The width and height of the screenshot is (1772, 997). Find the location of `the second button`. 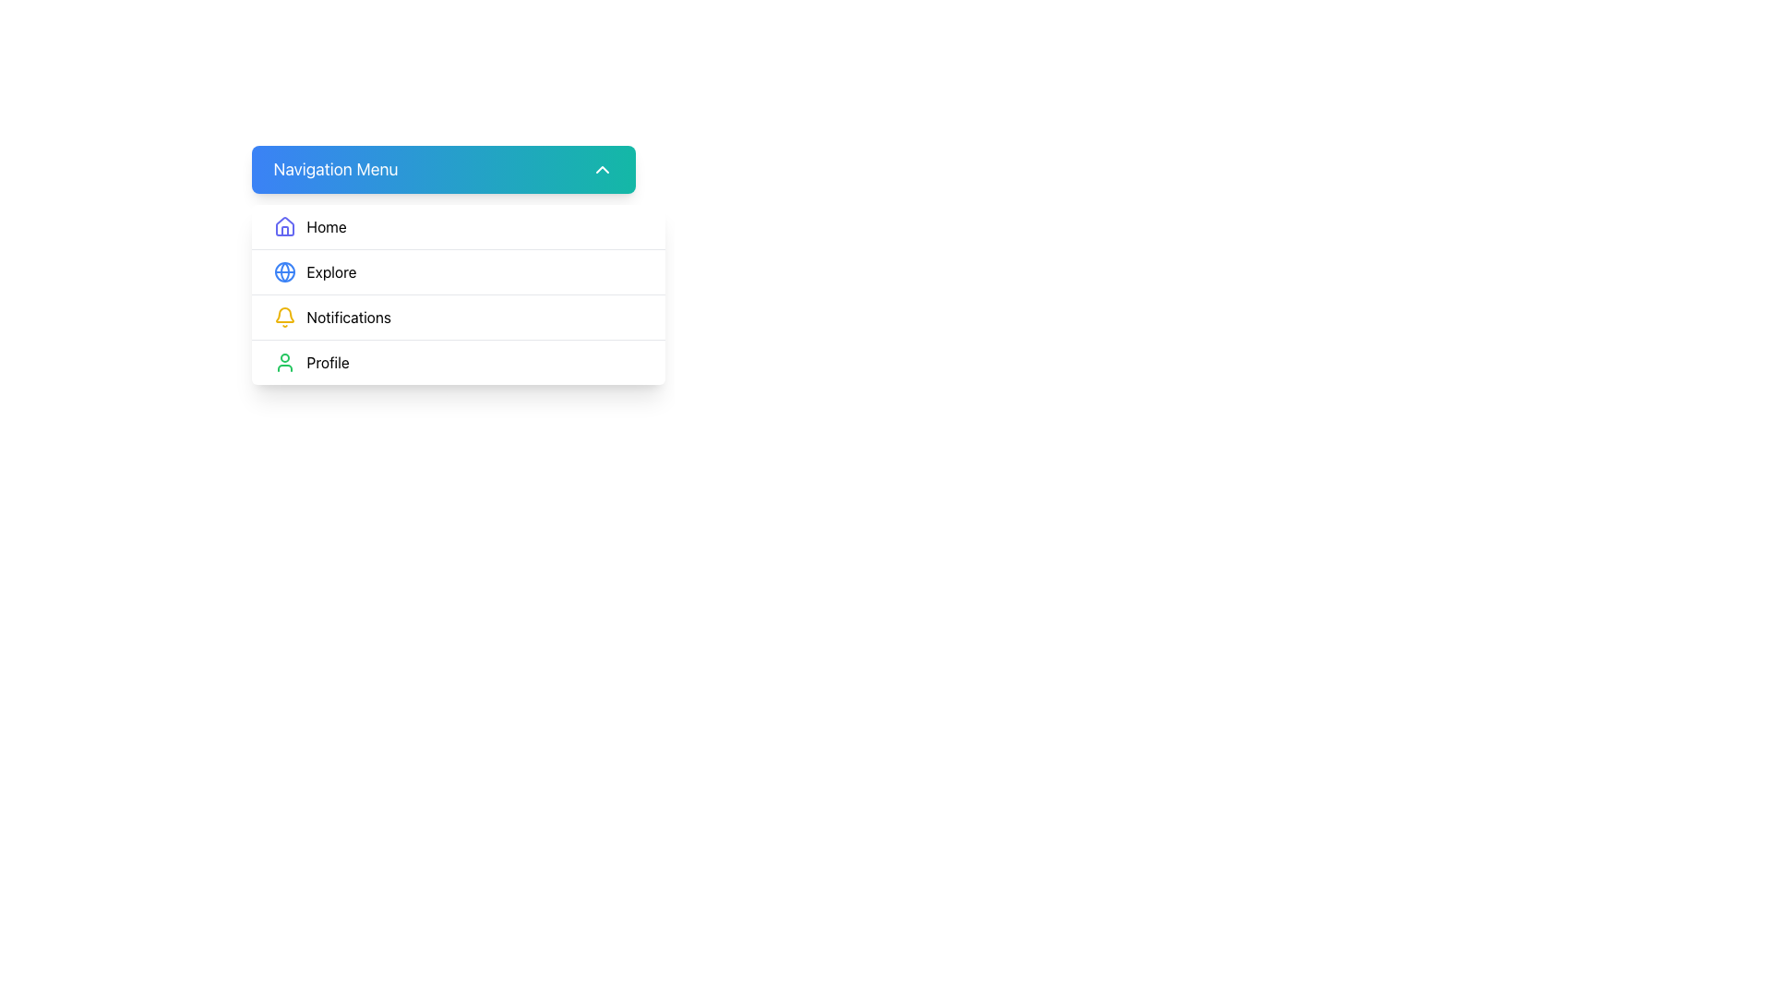

the second button is located at coordinates (458, 271).